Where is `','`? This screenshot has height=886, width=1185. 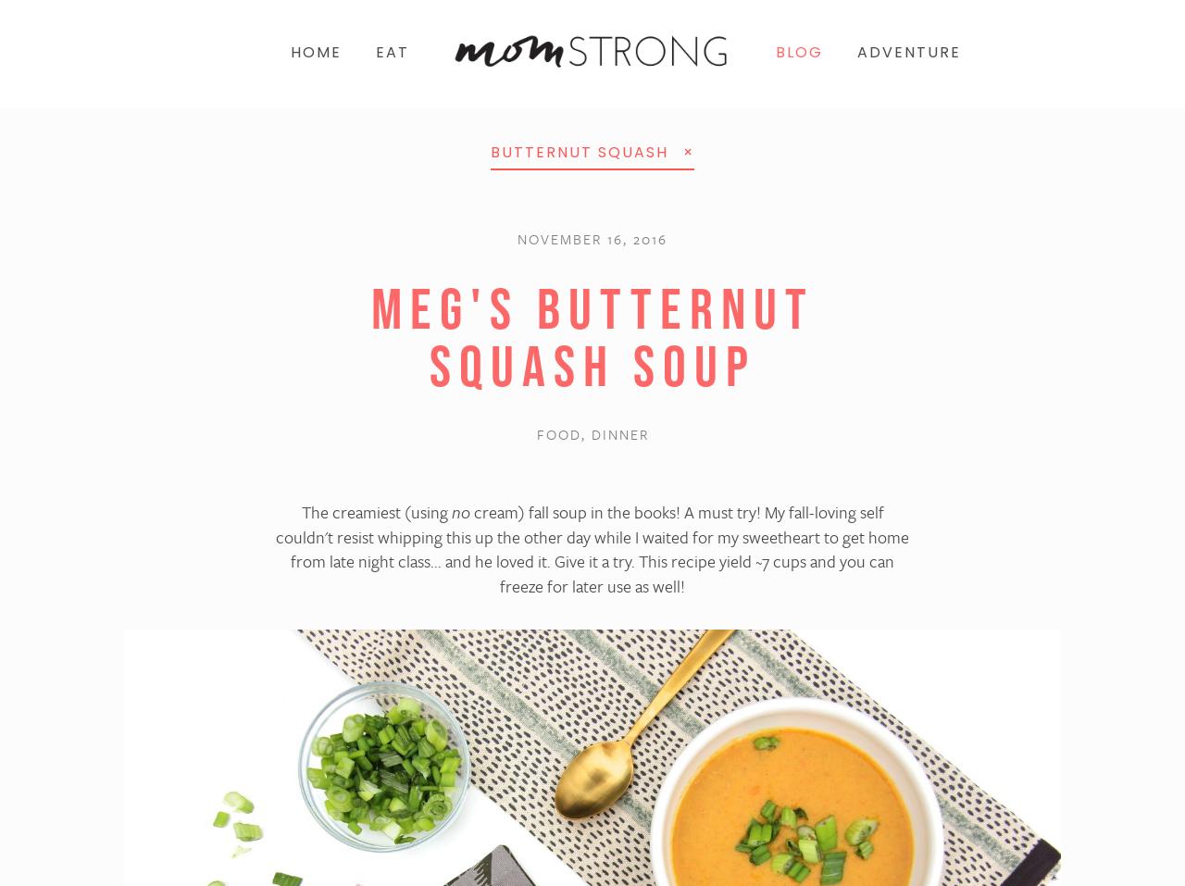 ',' is located at coordinates (584, 433).